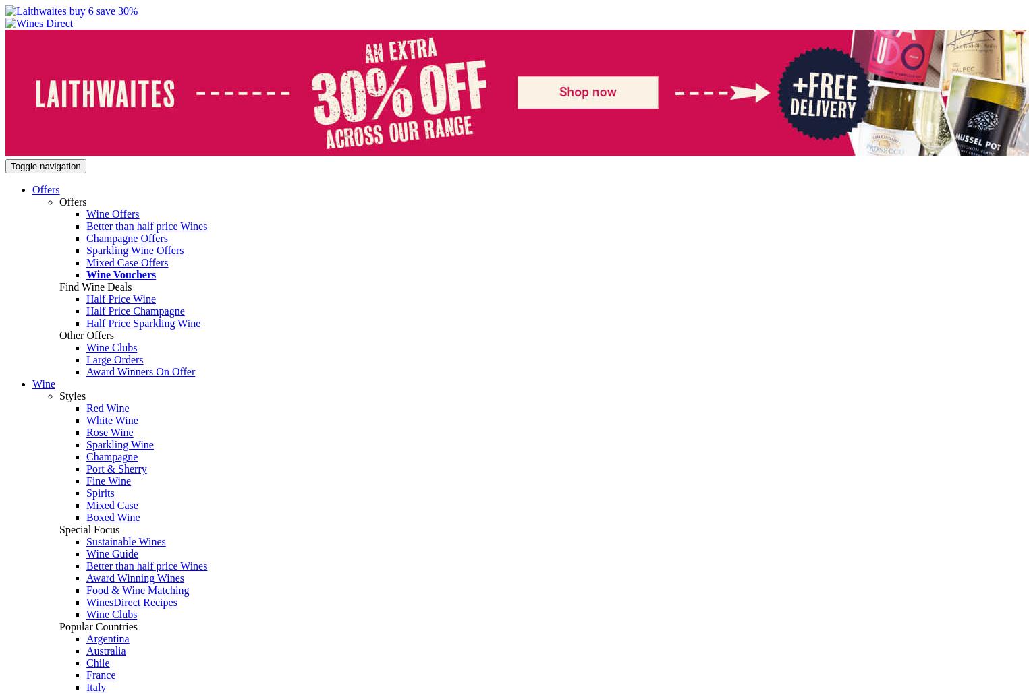 The image size is (1029, 693). What do you see at coordinates (127, 262) in the screenshot?
I see `'Mixed Case Offers'` at bounding box center [127, 262].